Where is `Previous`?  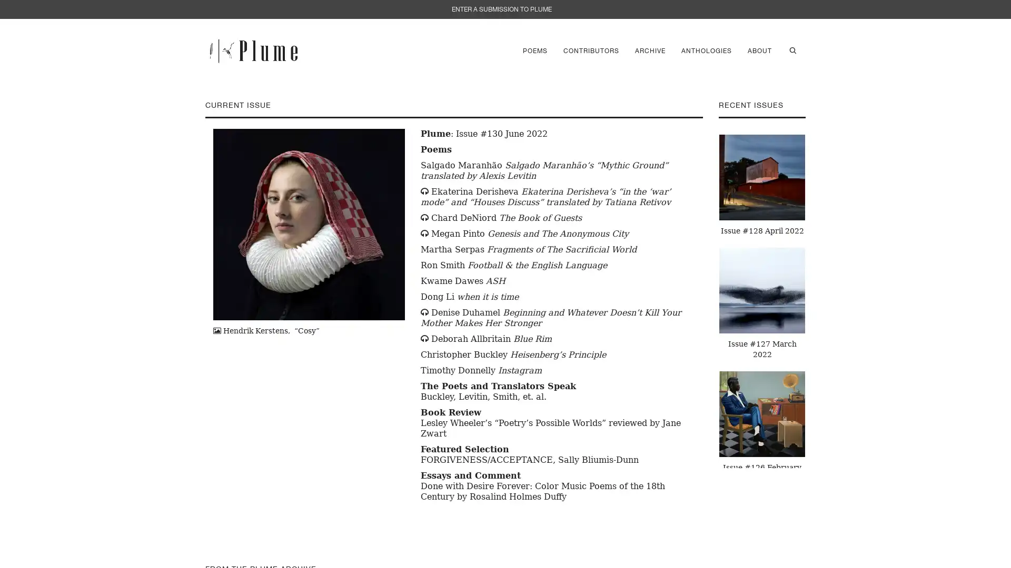
Previous is located at coordinates (710, 298).